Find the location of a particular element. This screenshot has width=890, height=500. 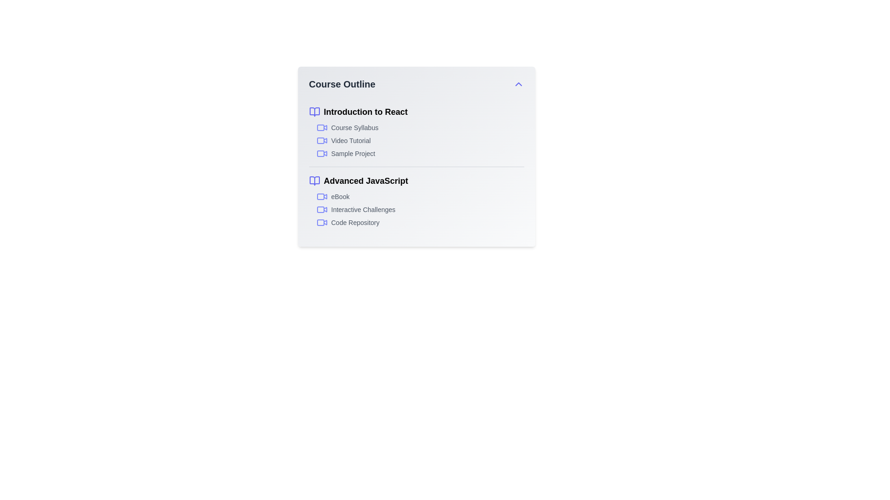

the course titled Advanced JavaScript is located at coordinates (416, 181).